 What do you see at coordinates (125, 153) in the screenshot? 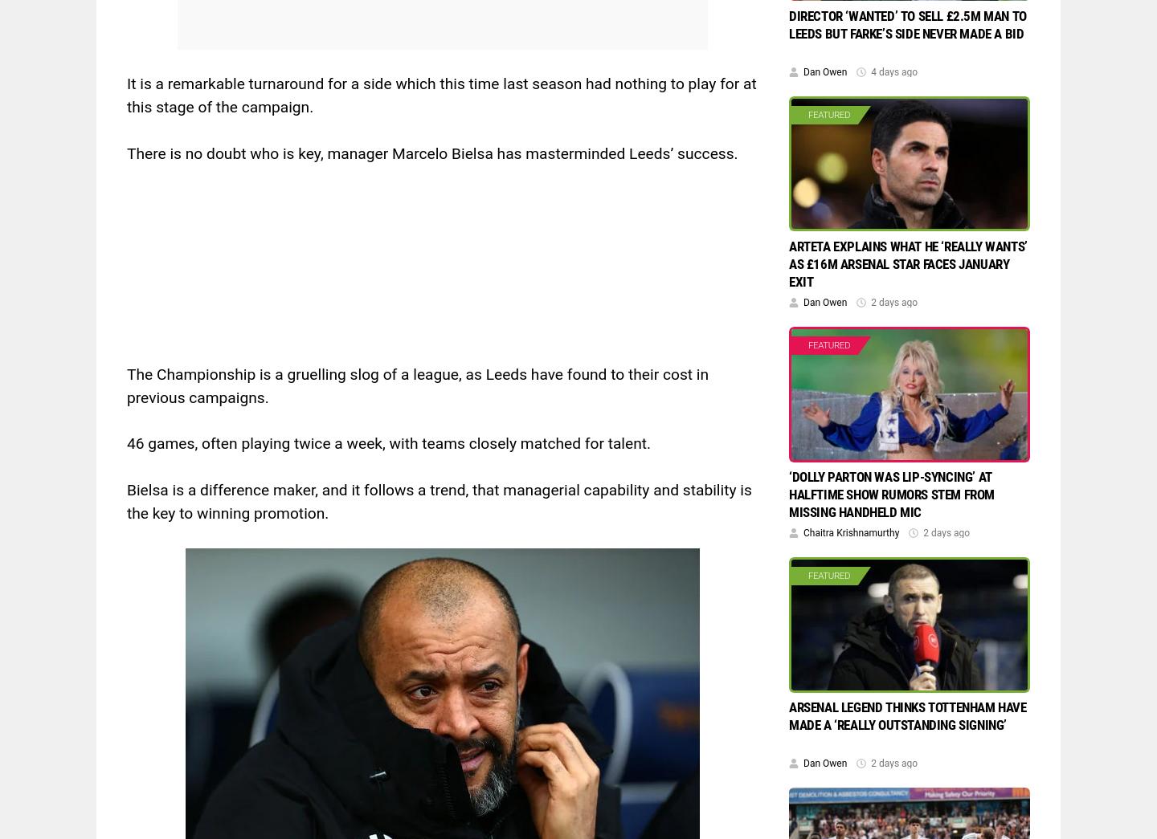
I see `'There is no doubt who is key, manager Marcelo Bielsa has masterminded Leeds’ success.'` at bounding box center [125, 153].